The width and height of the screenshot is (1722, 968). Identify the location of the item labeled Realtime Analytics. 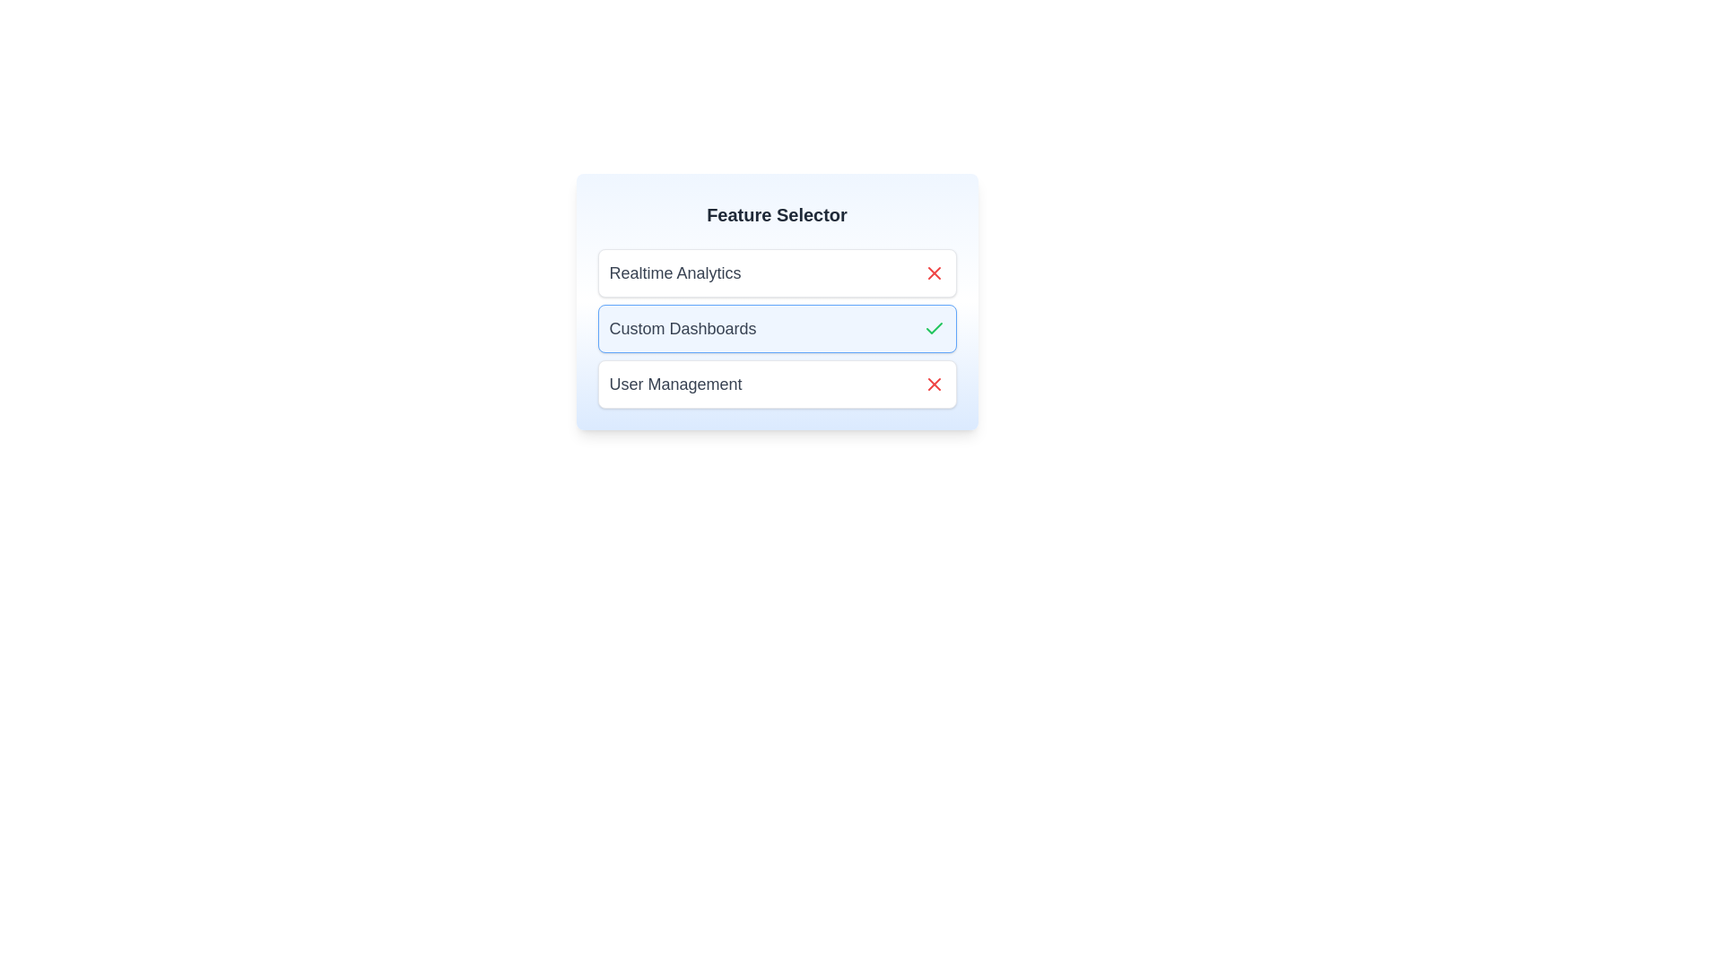
(777, 272).